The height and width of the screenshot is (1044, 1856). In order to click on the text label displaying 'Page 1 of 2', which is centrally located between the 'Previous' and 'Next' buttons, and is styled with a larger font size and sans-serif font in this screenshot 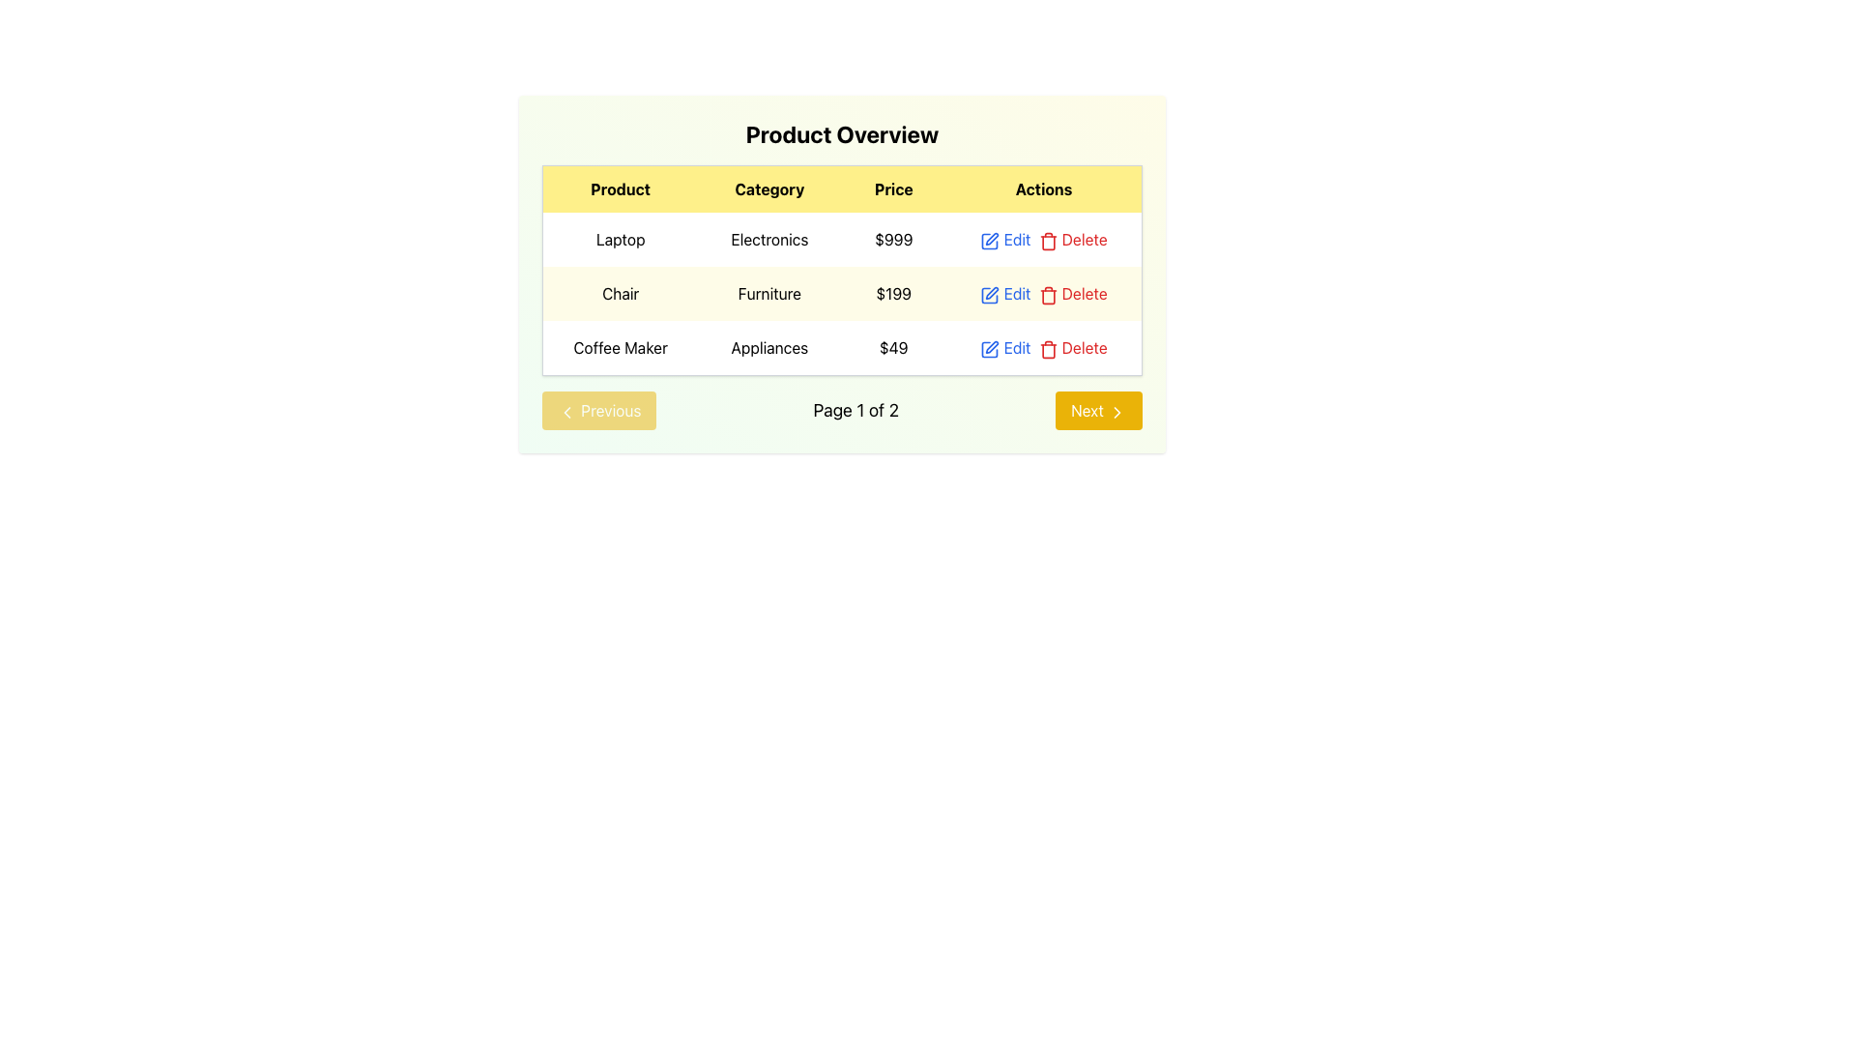, I will do `click(855, 409)`.